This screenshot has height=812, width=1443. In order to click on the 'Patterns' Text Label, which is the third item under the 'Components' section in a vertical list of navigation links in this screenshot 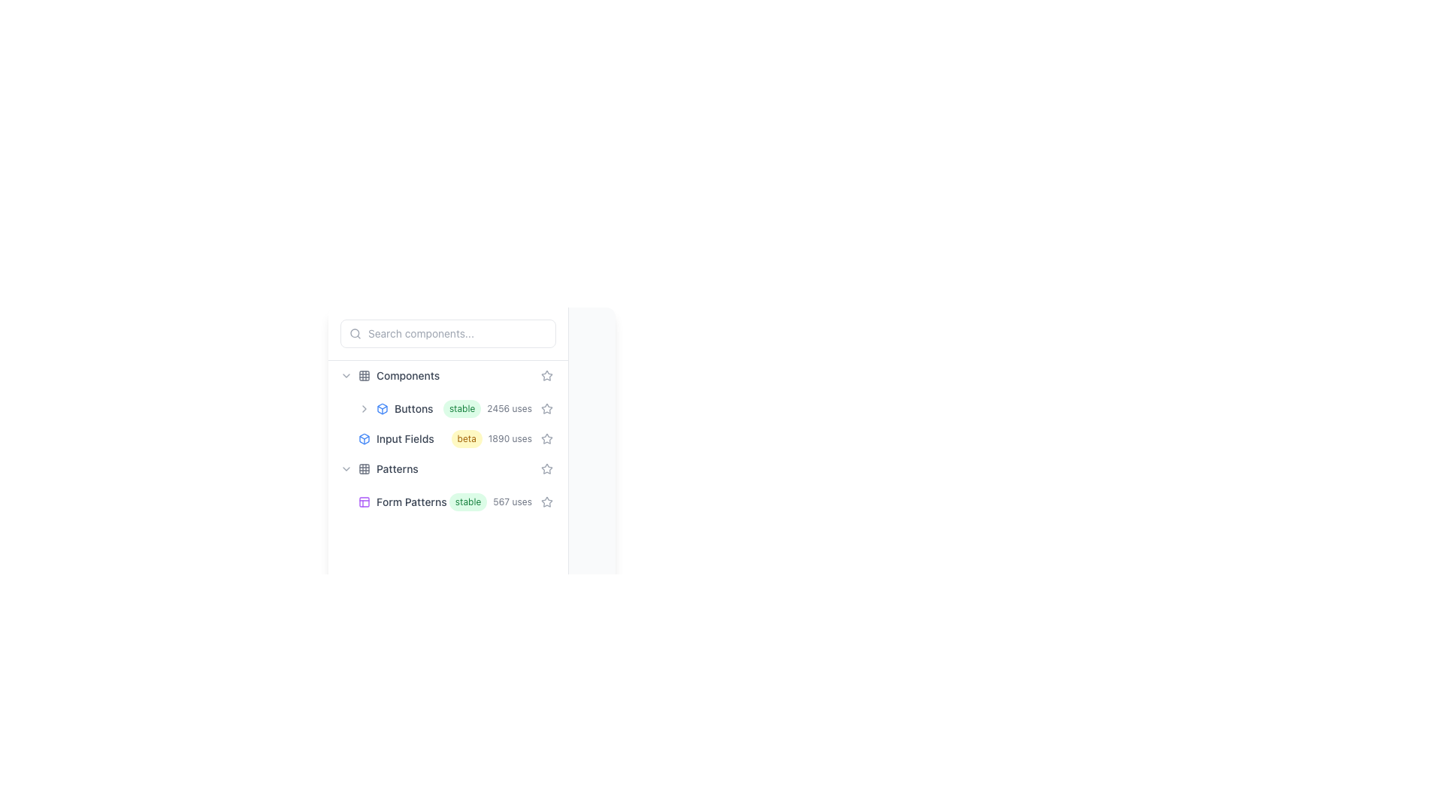, I will do `click(397, 468)`.